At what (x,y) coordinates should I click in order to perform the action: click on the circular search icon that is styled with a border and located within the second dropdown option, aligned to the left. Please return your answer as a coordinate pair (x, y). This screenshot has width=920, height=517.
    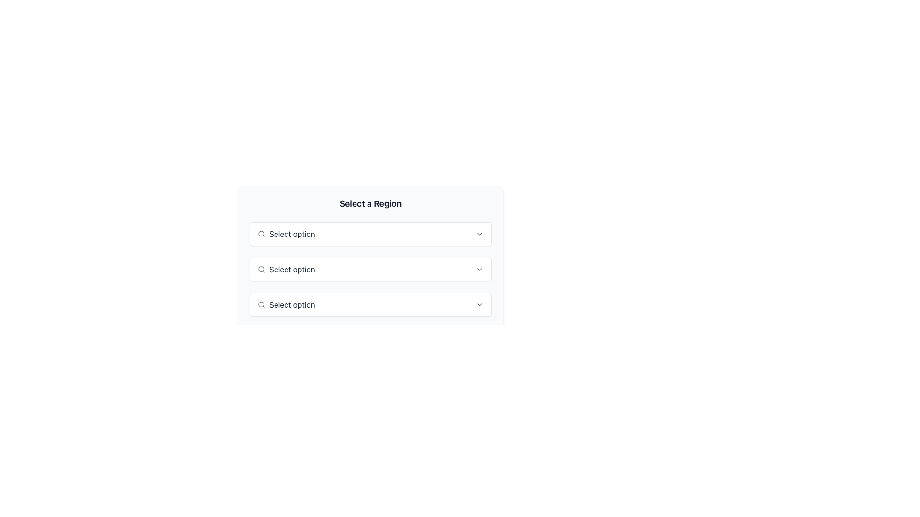
    Looking at the image, I should click on (261, 269).